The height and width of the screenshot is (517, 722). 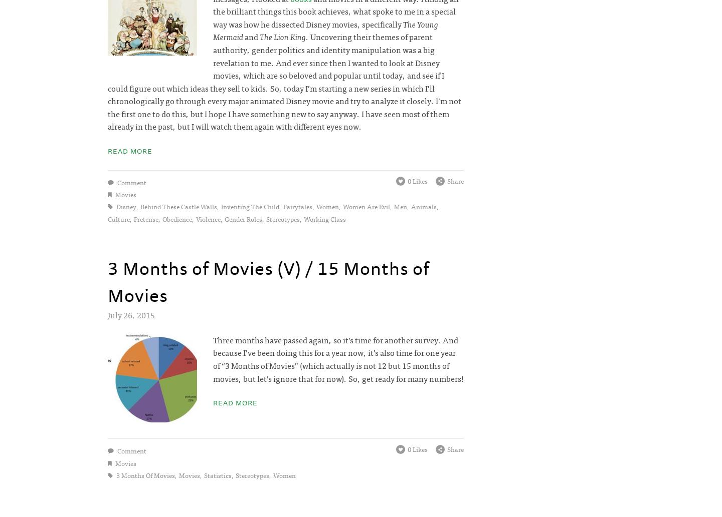 I want to click on 'culture', so click(x=119, y=218).